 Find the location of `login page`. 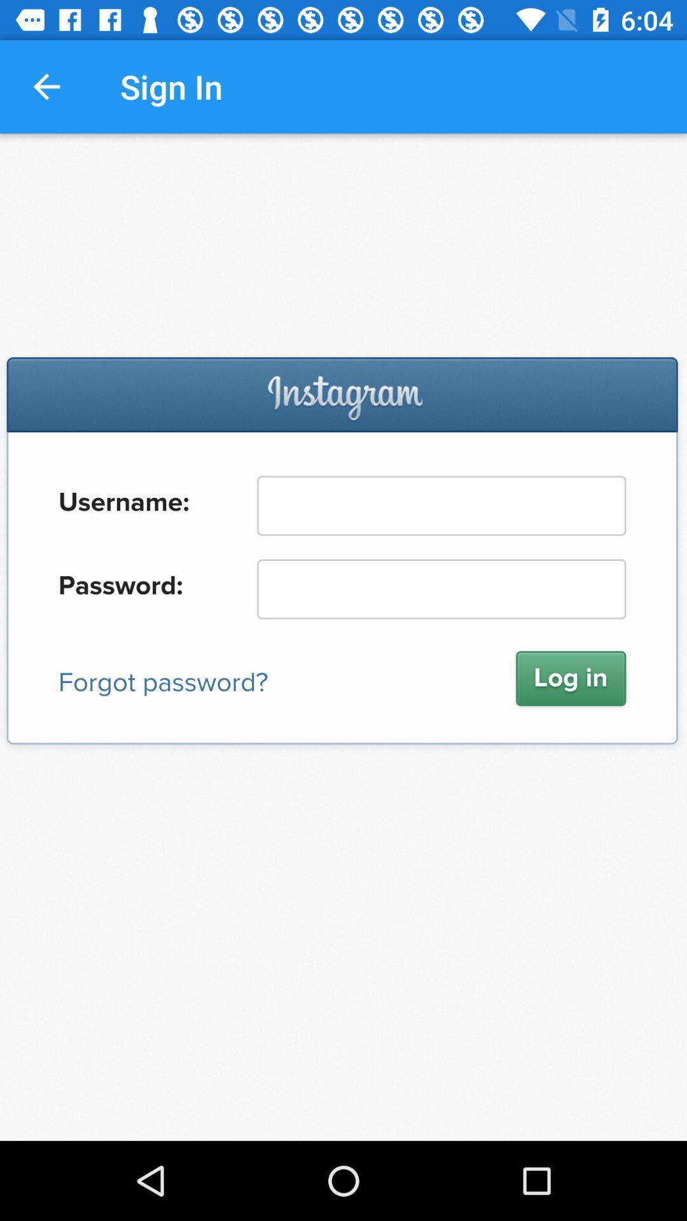

login page is located at coordinates (343, 637).